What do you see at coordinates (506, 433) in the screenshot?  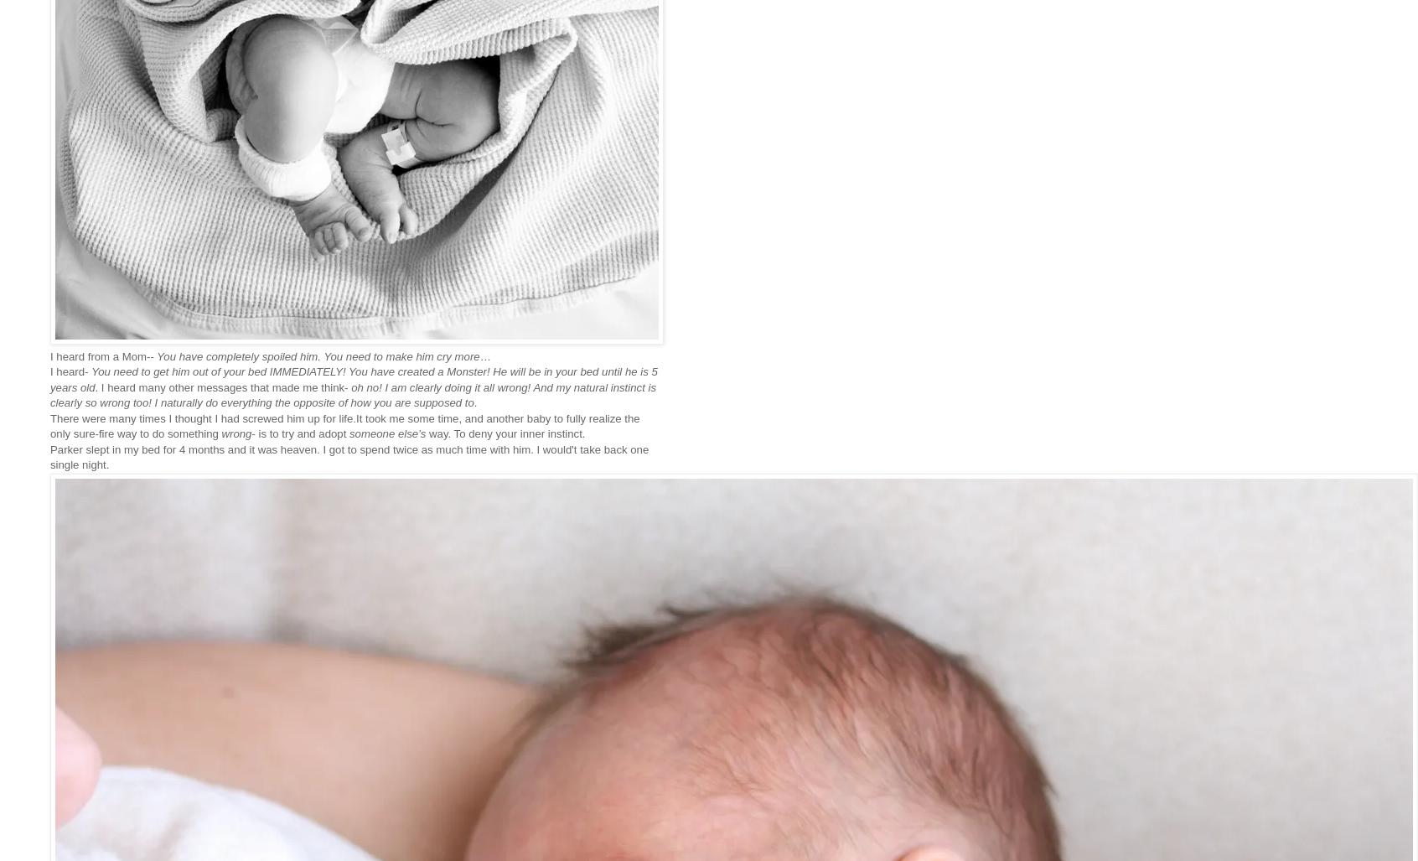 I see `'way. To deny your inner instinct.'` at bounding box center [506, 433].